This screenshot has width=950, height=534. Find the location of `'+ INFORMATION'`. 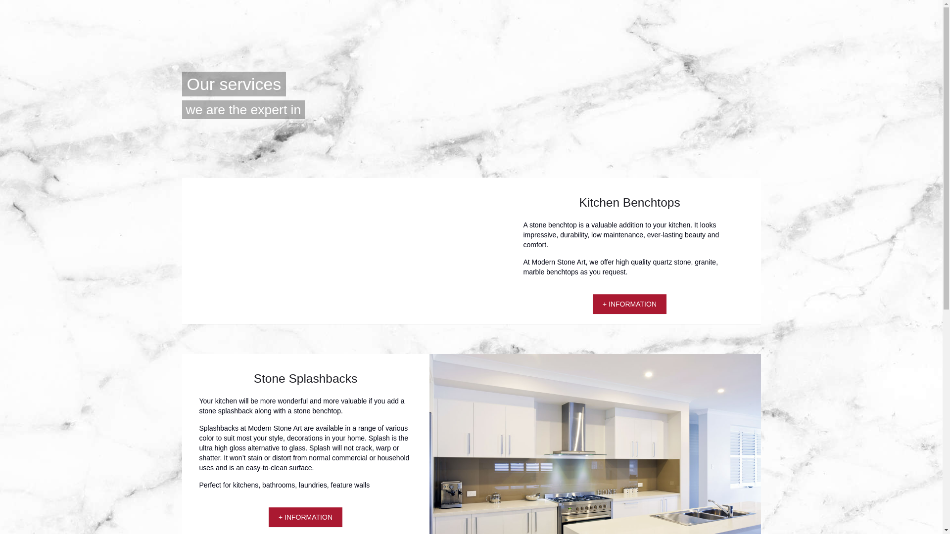

'+ INFORMATION' is located at coordinates (602, 303).